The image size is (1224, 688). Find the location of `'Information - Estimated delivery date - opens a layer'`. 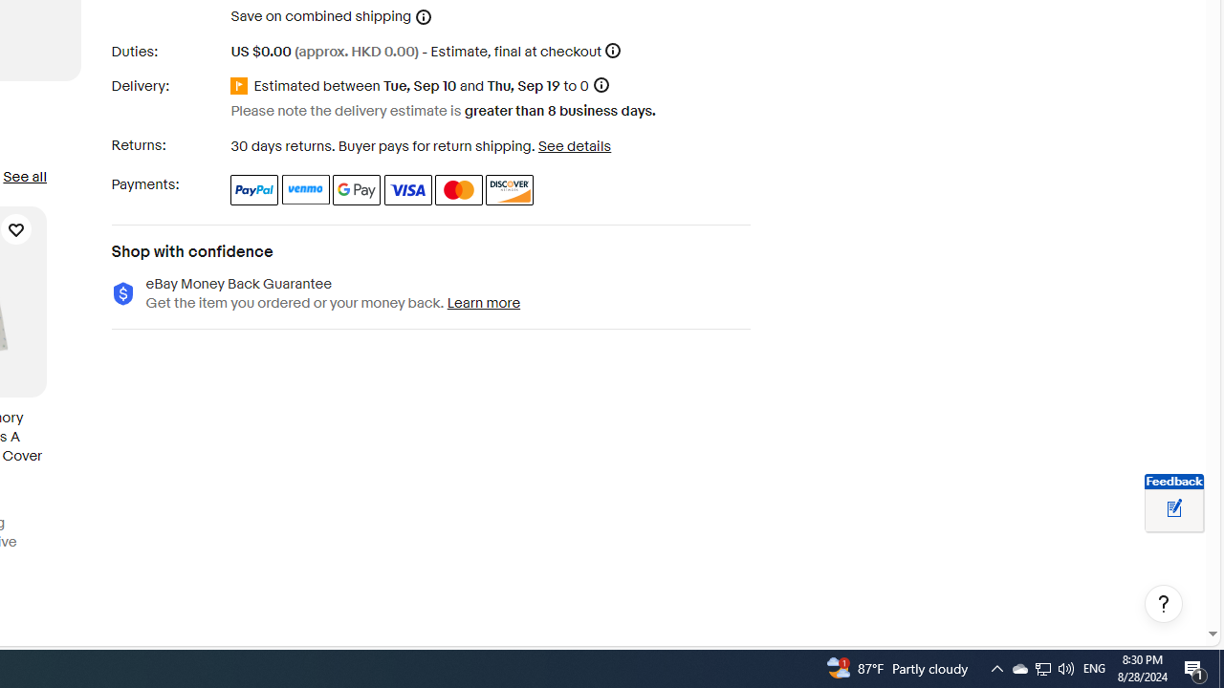

'Information - Estimated delivery date - opens a layer' is located at coordinates (600, 84).